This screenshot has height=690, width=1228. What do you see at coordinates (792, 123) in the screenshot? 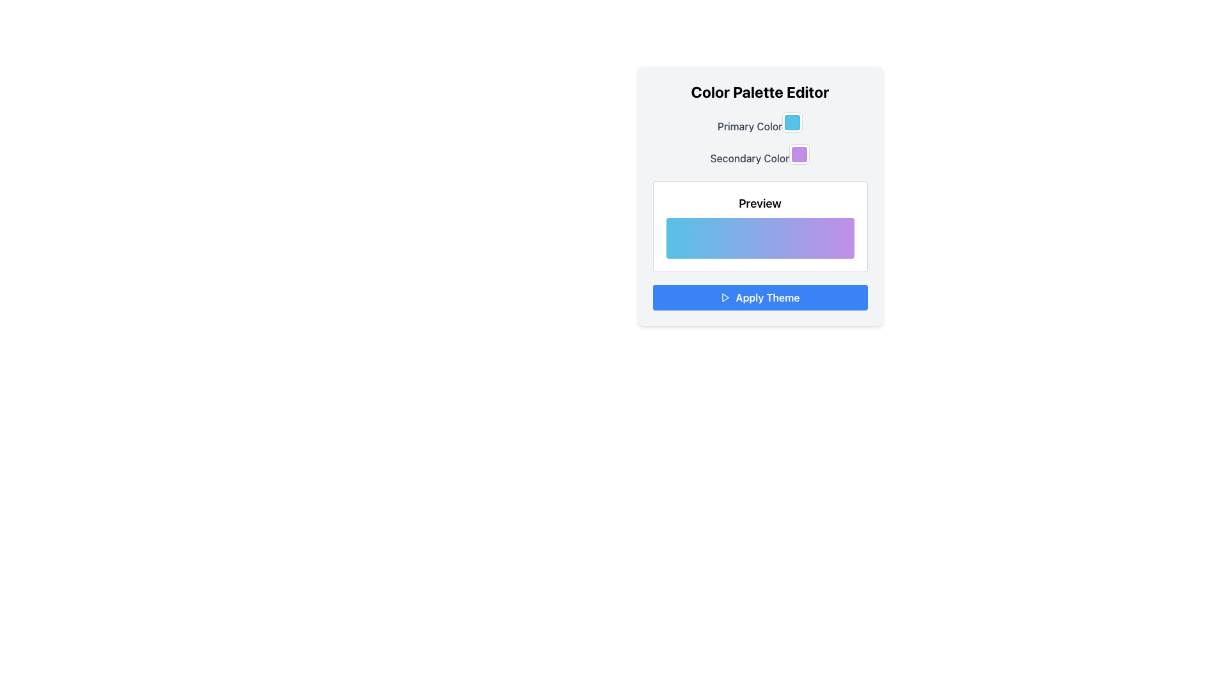
I see `the bright blue color swatch located to the right of the 'Primary Color' label in the color selection interface` at bounding box center [792, 123].